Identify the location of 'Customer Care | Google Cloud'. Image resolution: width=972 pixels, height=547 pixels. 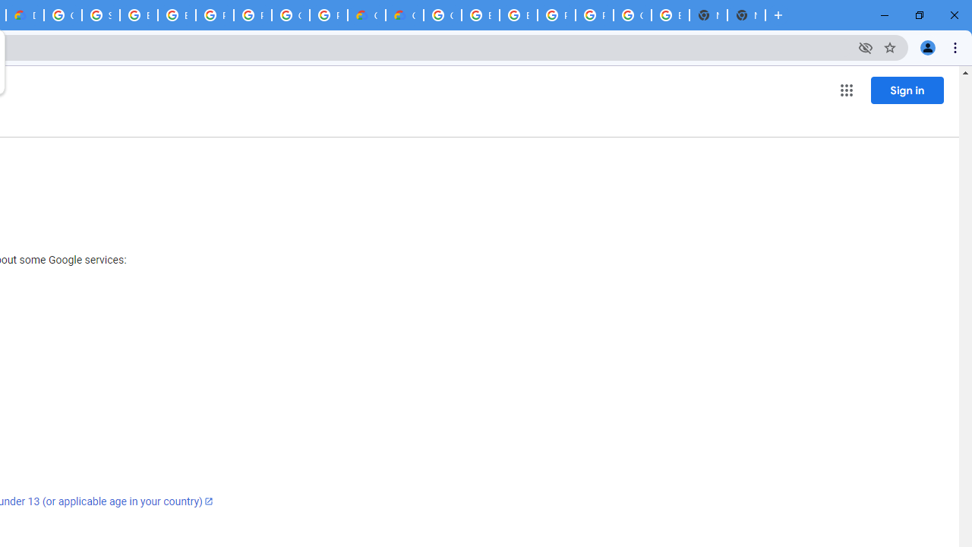
(367, 15).